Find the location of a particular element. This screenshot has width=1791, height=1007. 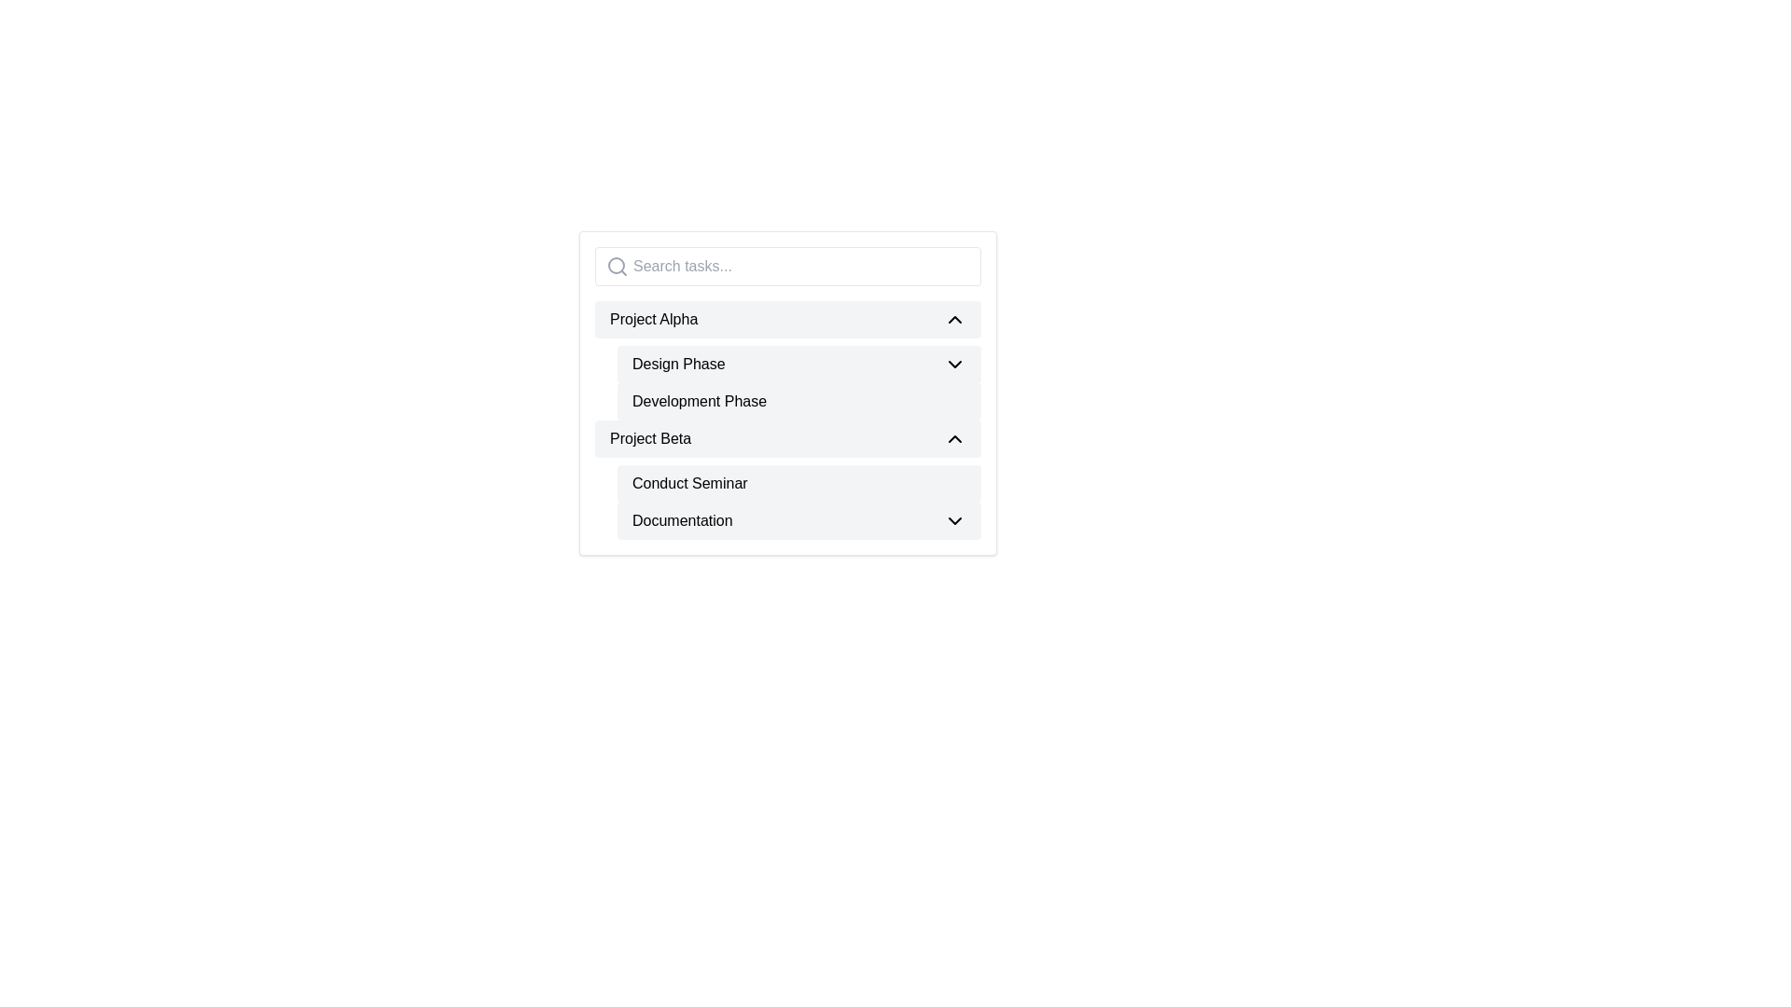

the 'Design Phase' dropdown toggle is located at coordinates (799, 364).